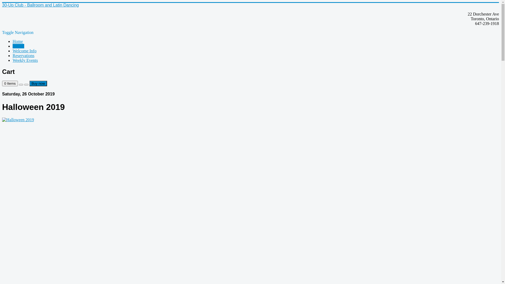 This screenshot has height=284, width=505. I want to click on 'Toggle Navigation', so click(18, 32).